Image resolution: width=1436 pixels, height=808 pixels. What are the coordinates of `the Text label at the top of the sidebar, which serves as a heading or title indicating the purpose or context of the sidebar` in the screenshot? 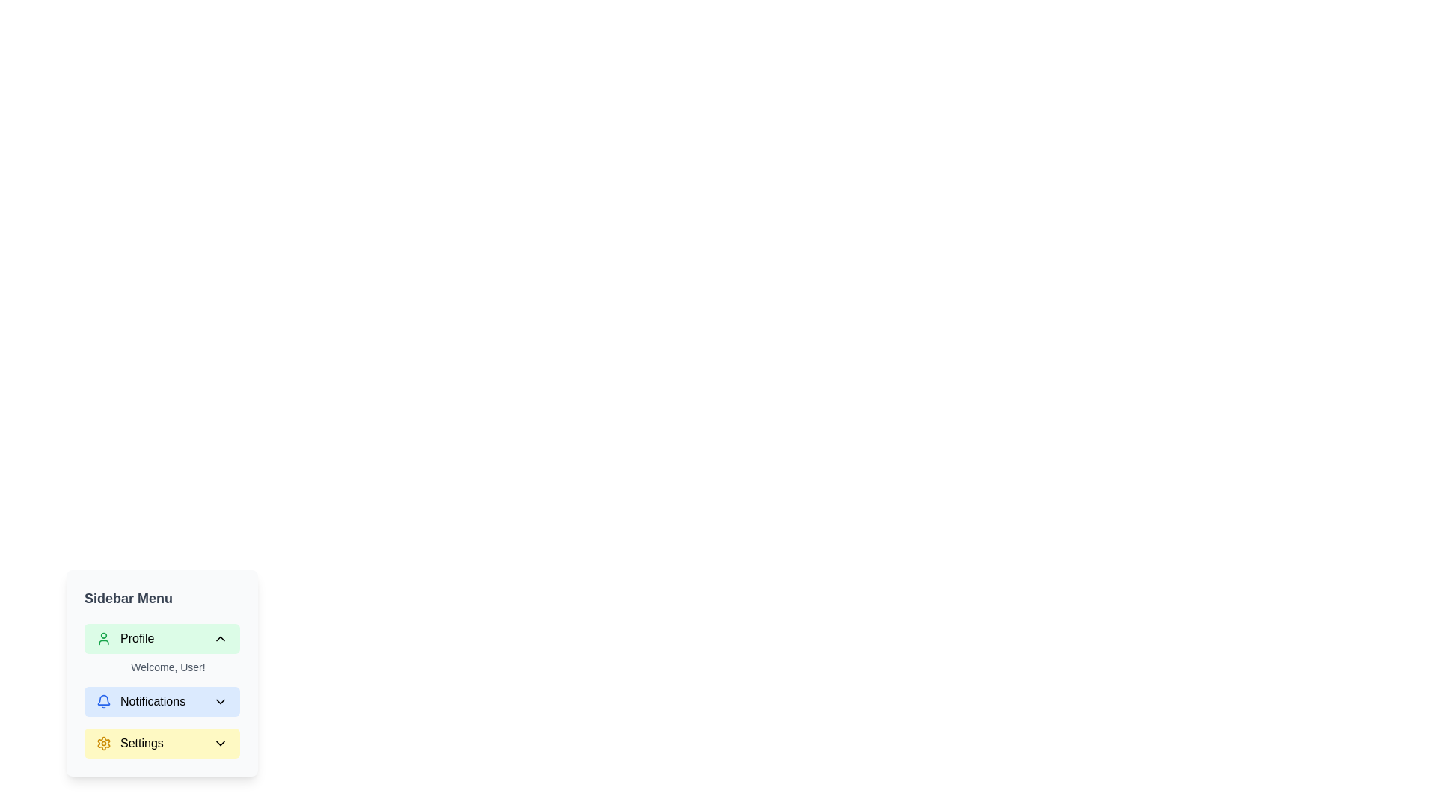 It's located at (162, 597).